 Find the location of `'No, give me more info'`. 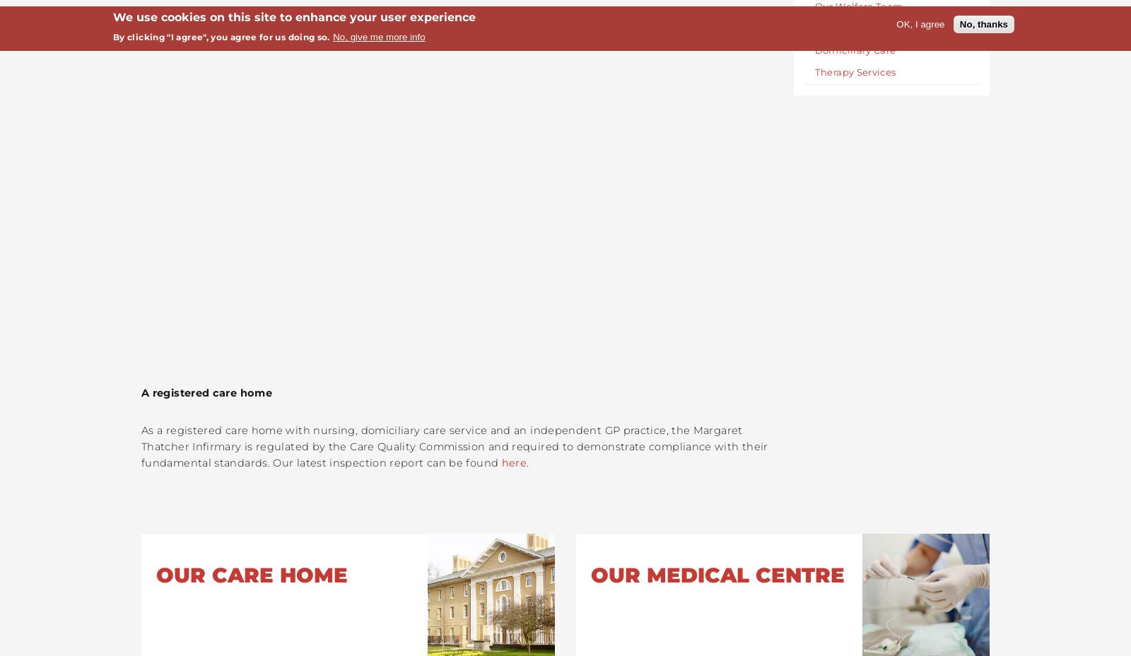

'No, give me more info' is located at coordinates (378, 36).